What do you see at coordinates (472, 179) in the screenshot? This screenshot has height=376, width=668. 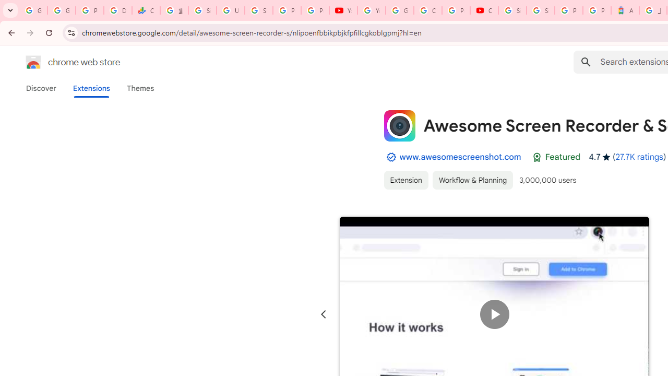 I see `'Workflow & Planning'` at bounding box center [472, 179].